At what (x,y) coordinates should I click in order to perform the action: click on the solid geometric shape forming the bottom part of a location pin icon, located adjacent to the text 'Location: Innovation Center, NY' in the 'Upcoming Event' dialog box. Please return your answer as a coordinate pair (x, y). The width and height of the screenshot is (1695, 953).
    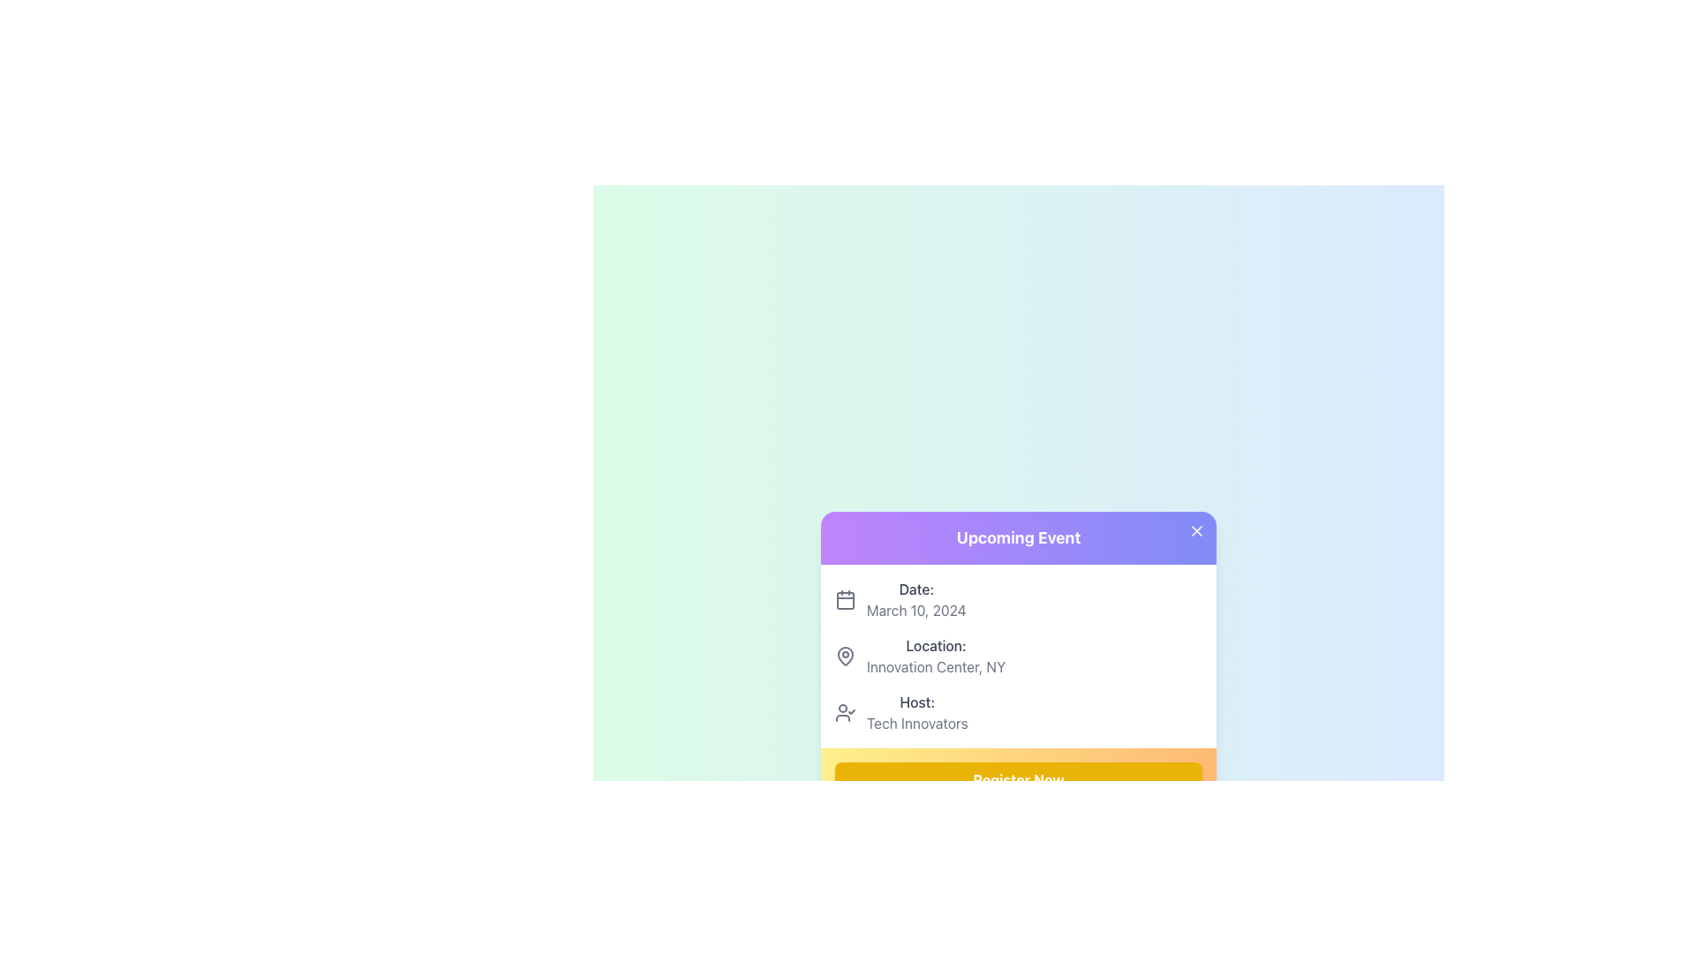
    Looking at the image, I should click on (845, 656).